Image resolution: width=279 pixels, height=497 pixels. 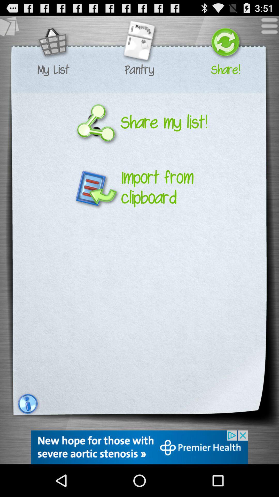 I want to click on the menu, so click(x=267, y=28).